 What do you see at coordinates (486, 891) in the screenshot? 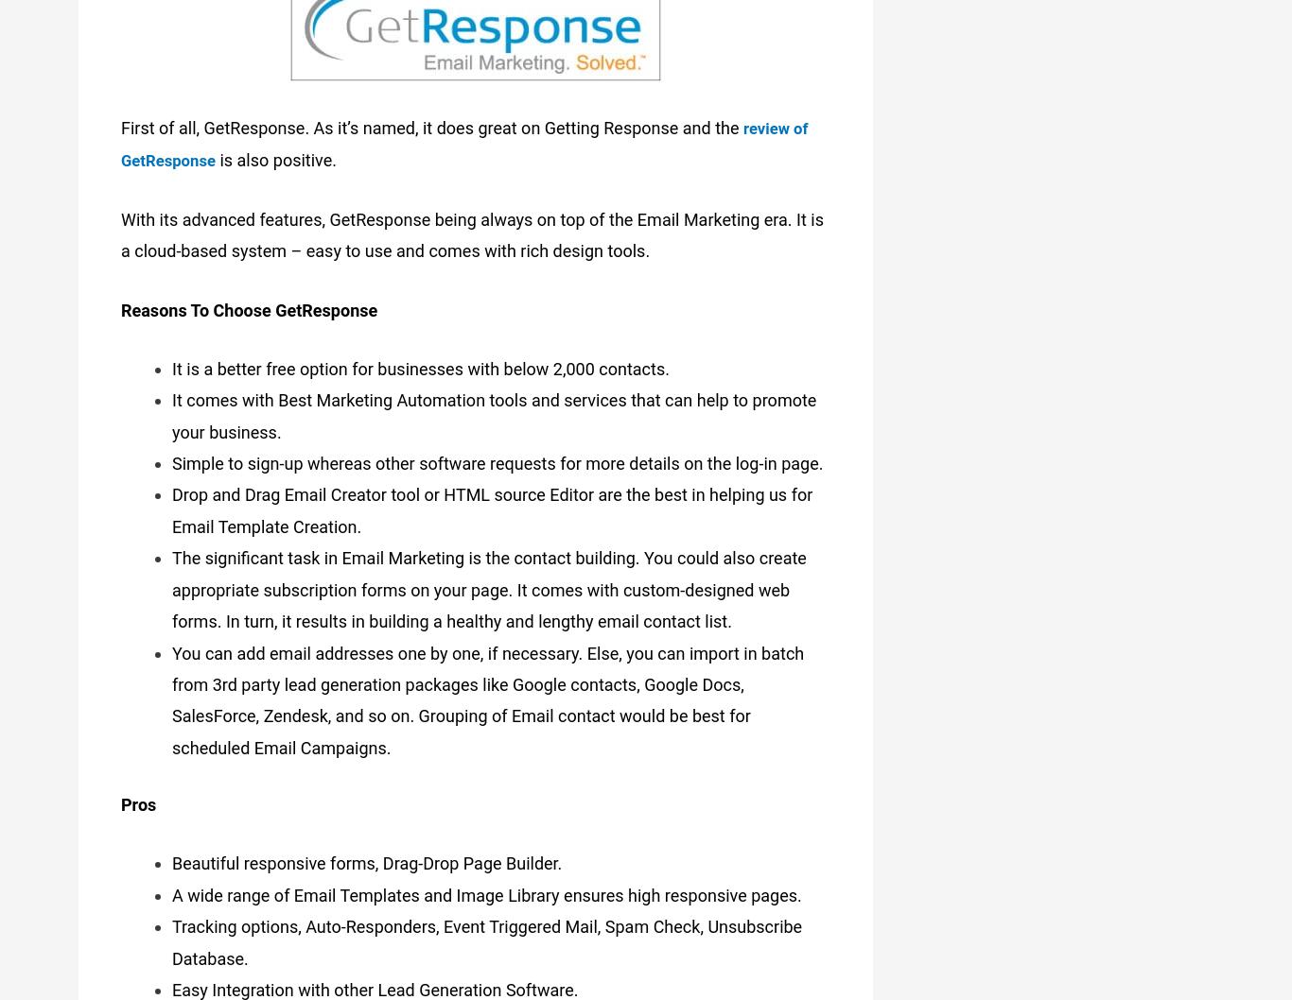
I see `'A wide range of Email Templates and Image Library ensures high responsive pages.'` at bounding box center [486, 891].